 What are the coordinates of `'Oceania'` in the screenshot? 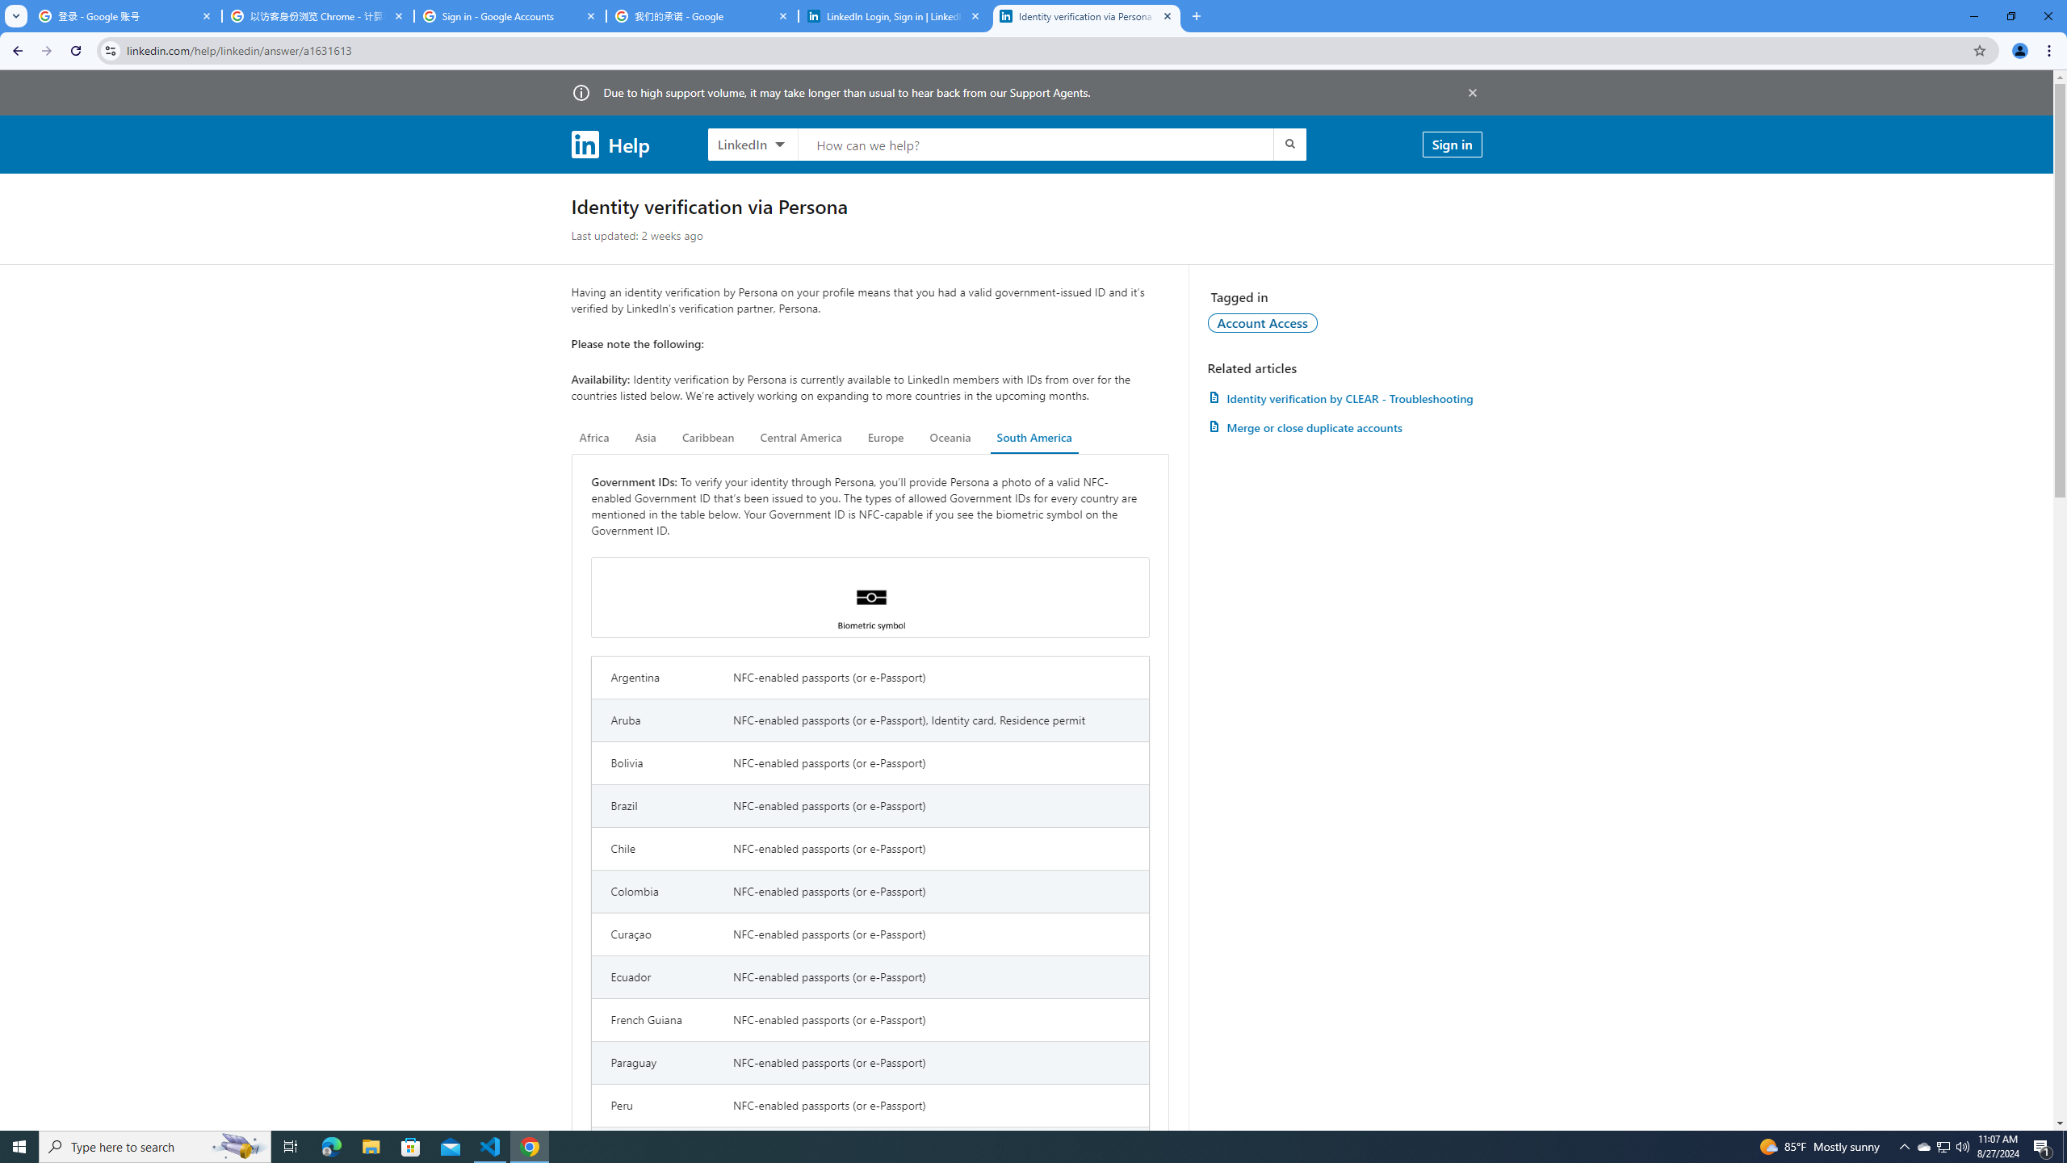 It's located at (949, 437).